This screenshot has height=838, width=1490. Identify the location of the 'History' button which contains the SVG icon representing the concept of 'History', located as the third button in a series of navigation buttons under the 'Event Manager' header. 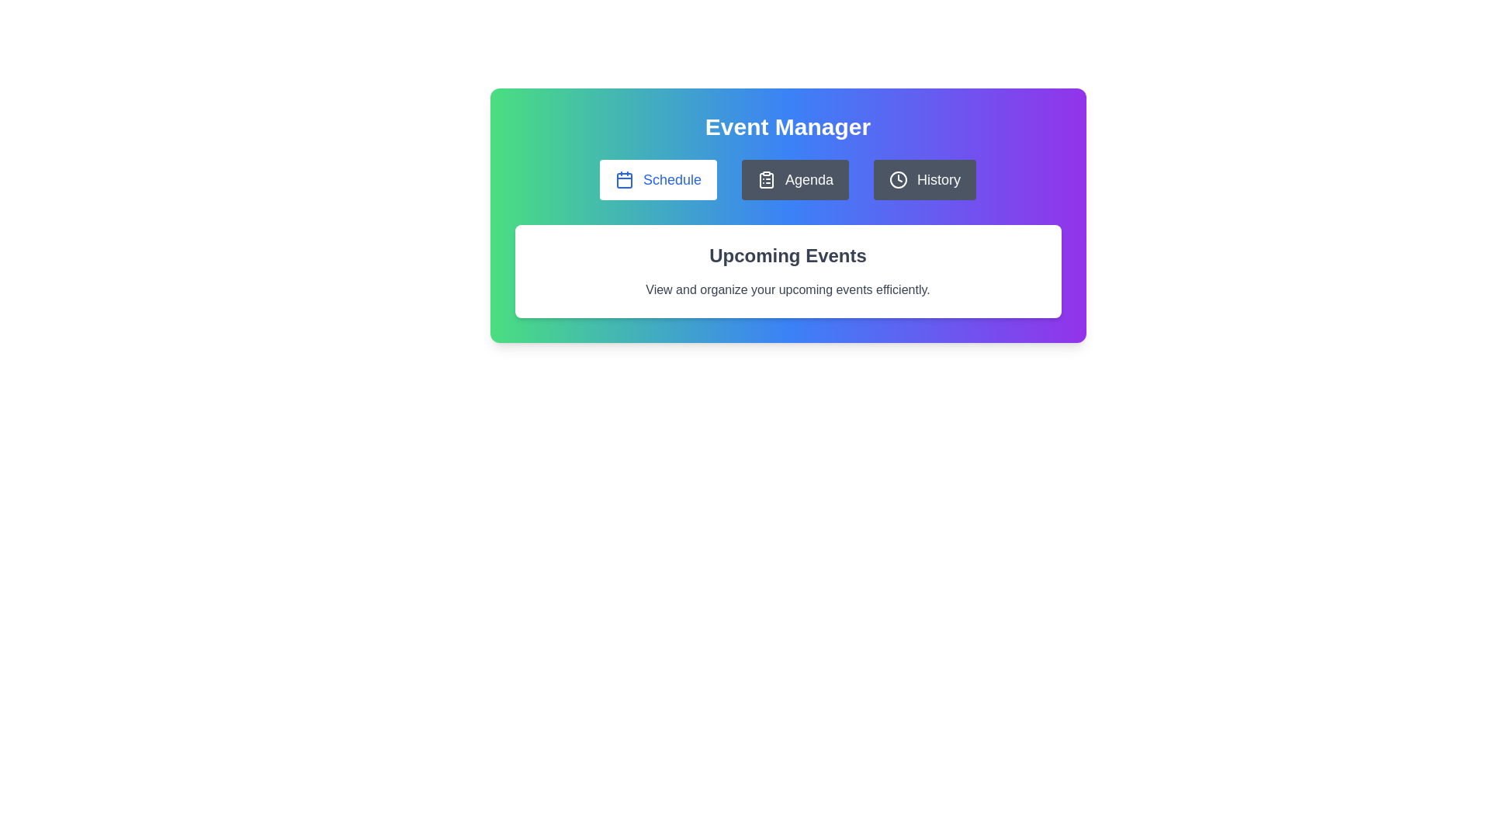
(899, 178).